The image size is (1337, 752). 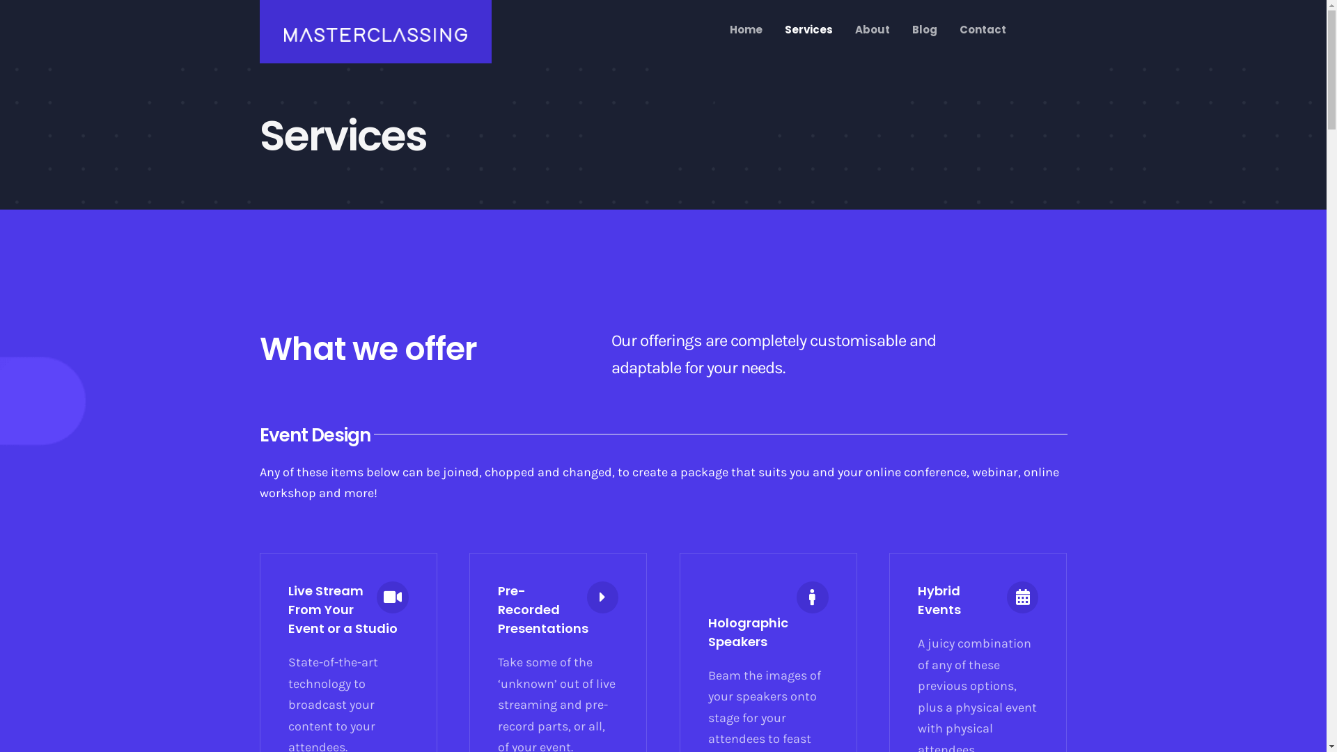 What do you see at coordinates (871, 29) in the screenshot?
I see `'About'` at bounding box center [871, 29].